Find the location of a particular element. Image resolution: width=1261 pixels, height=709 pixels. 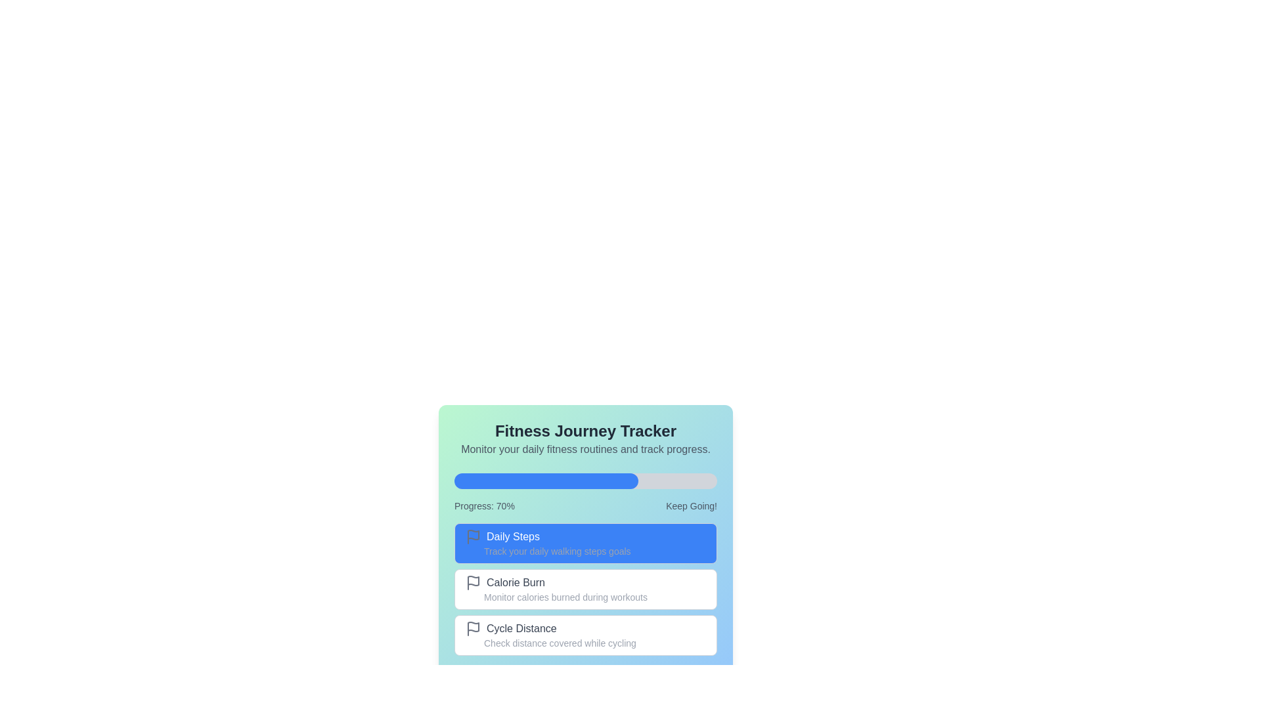

the flag icon that symbolizes a goal or checkpoint related to distance tracking, located directly to the left of the 'Cycle Distance' text section is located at coordinates (473, 628).